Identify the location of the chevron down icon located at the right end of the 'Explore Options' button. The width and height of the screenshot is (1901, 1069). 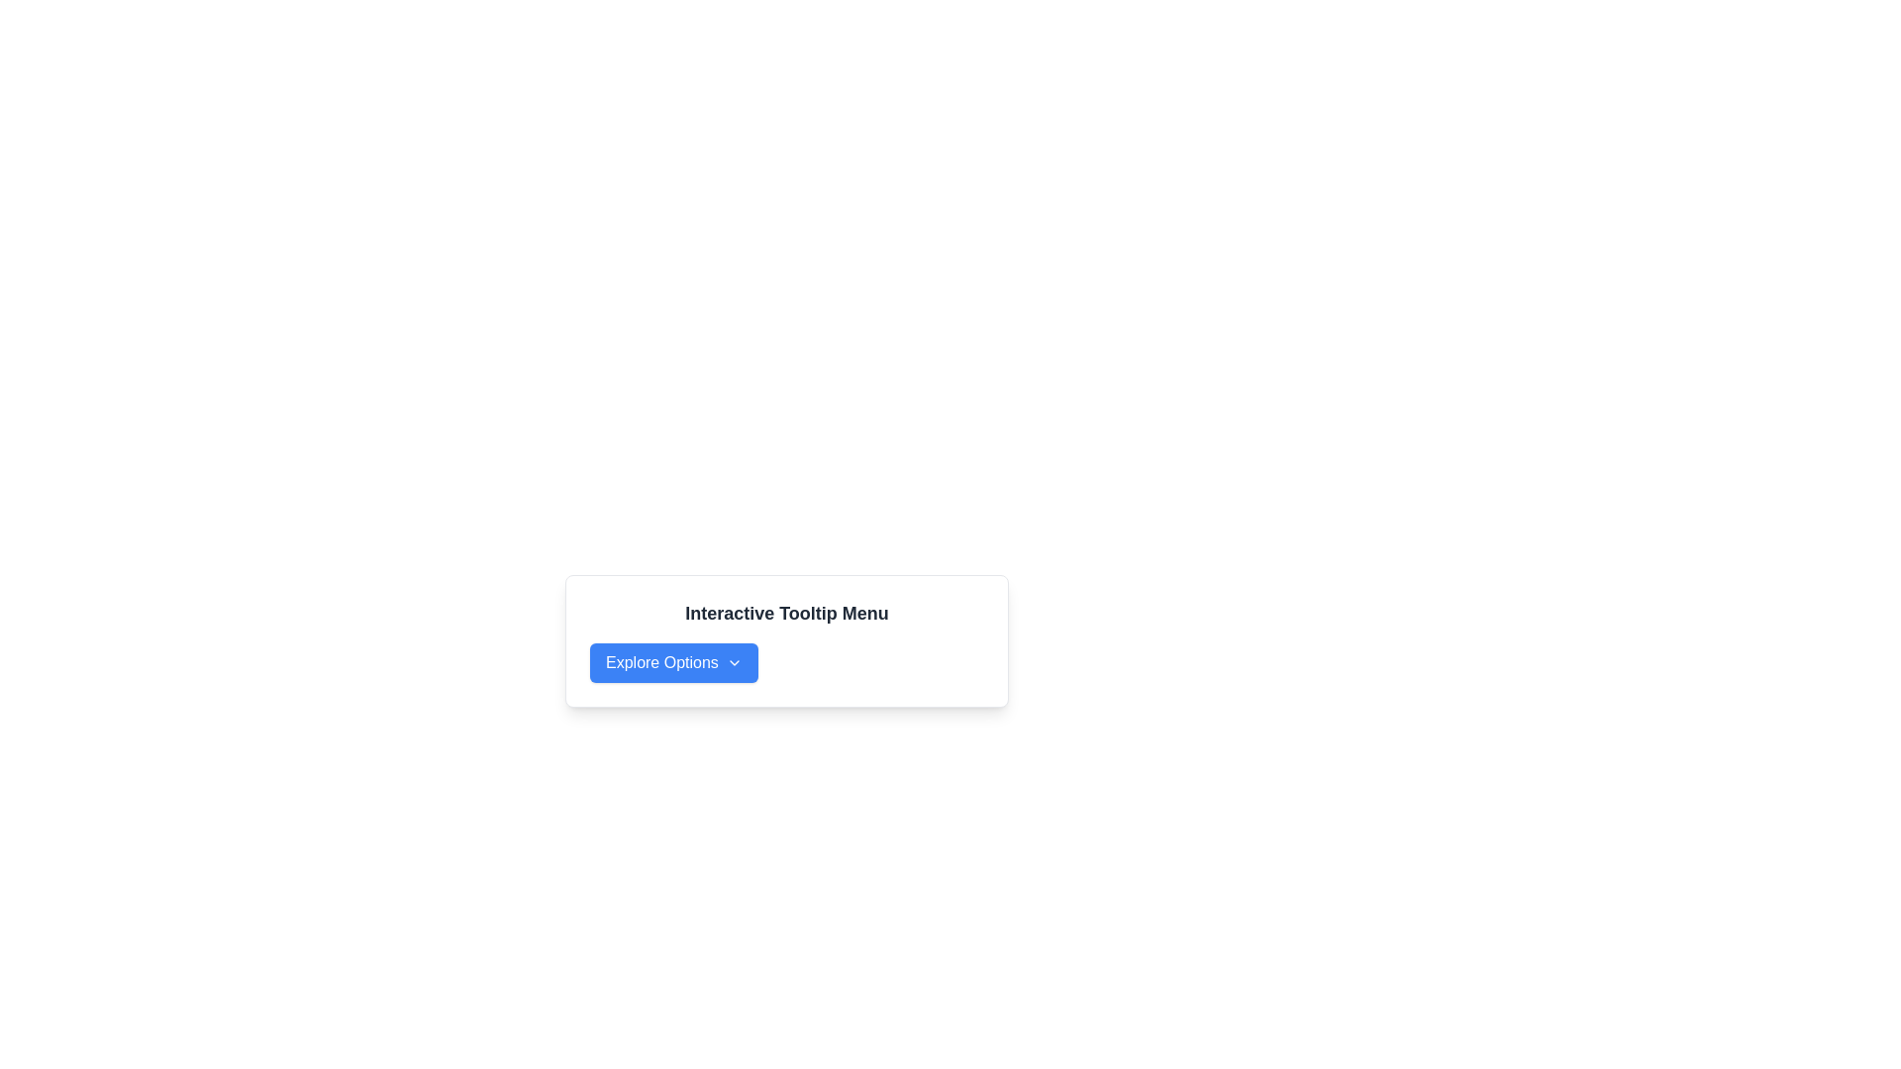
(733, 663).